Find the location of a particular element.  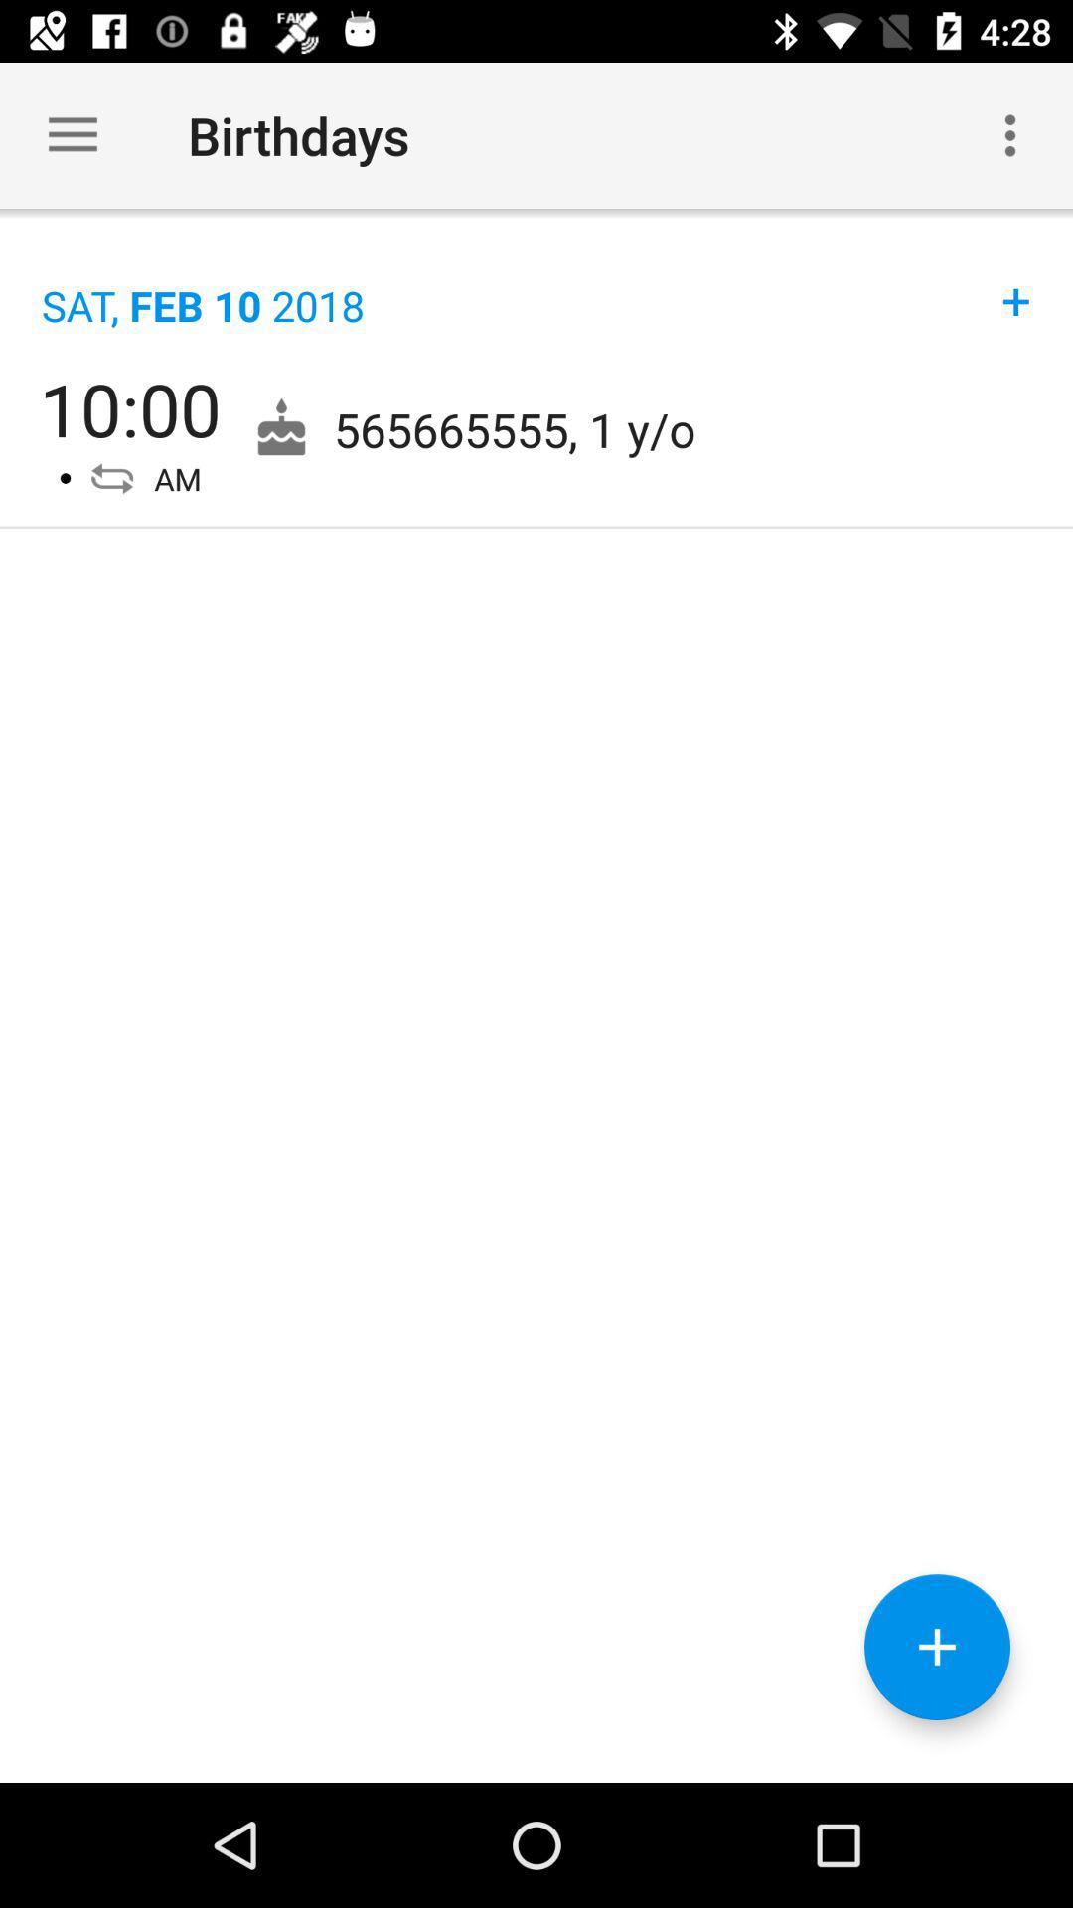

the icon next to birthdays icon is located at coordinates (72, 134).